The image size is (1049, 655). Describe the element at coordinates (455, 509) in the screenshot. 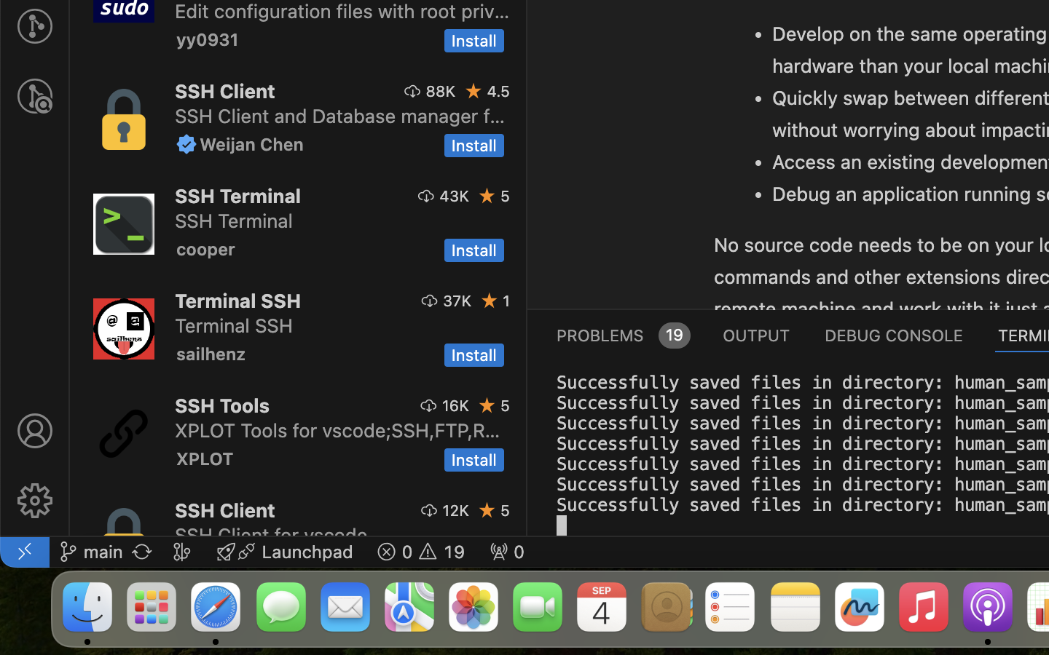

I see `'12K'` at that location.